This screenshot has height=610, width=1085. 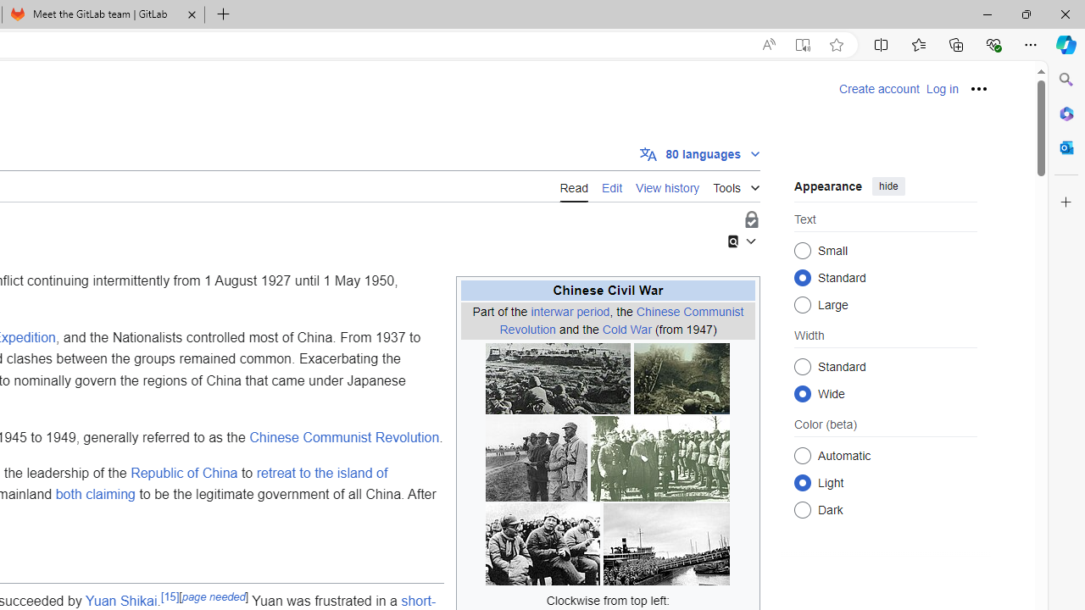 What do you see at coordinates (184, 473) in the screenshot?
I see `'Republic of China'` at bounding box center [184, 473].